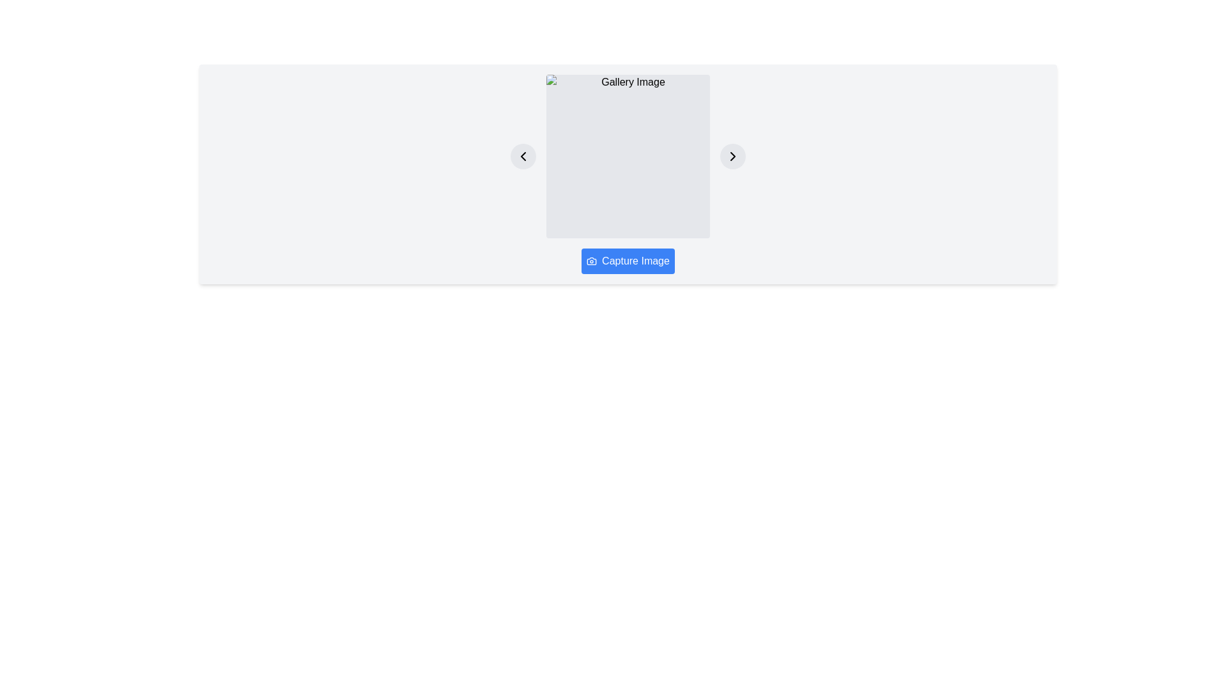 The height and width of the screenshot is (690, 1227). What do you see at coordinates (733, 156) in the screenshot?
I see `the circular button with a gray background and a black right-arrow icon` at bounding box center [733, 156].